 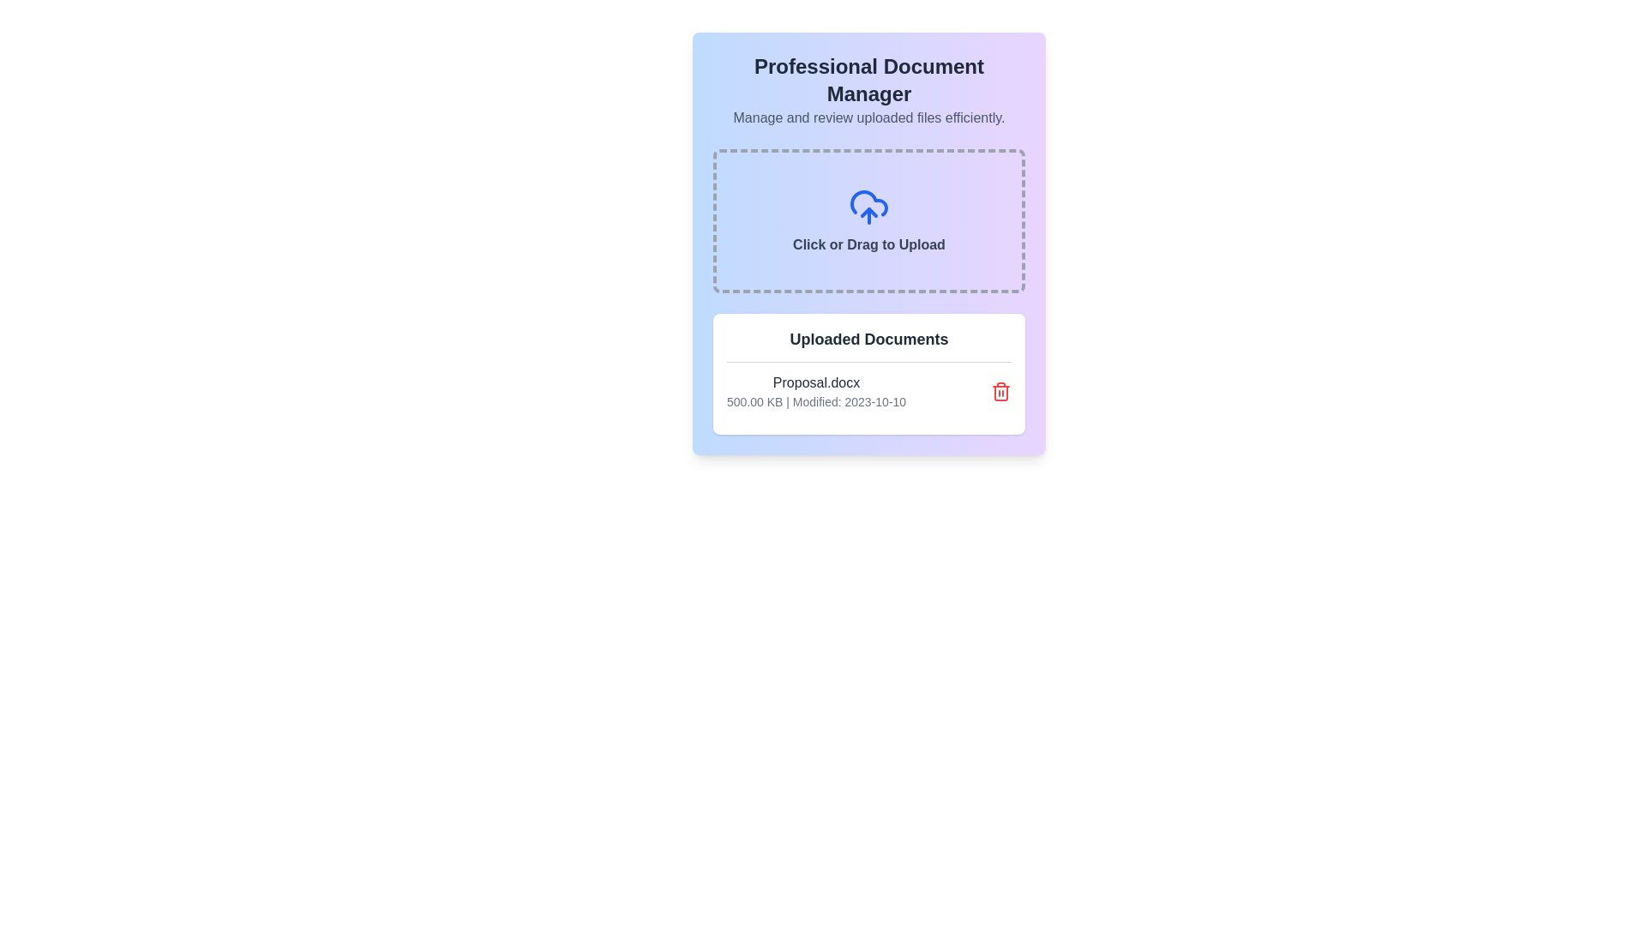 What do you see at coordinates (868, 244) in the screenshot?
I see `the descriptive text label located below the cloud icon` at bounding box center [868, 244].